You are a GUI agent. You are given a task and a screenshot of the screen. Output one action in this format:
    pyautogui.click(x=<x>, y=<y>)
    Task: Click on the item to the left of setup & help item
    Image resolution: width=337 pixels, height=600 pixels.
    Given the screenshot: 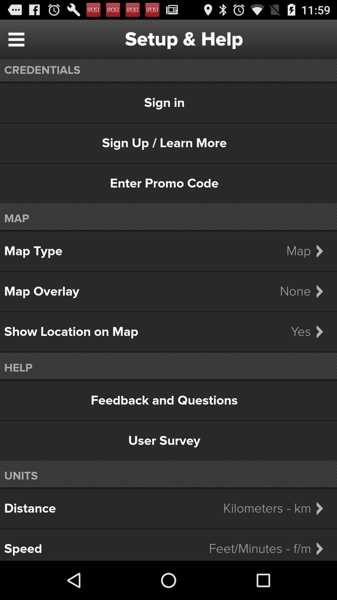 What is the action you would take?
    pyautogui.click(x=16, y=39)
    